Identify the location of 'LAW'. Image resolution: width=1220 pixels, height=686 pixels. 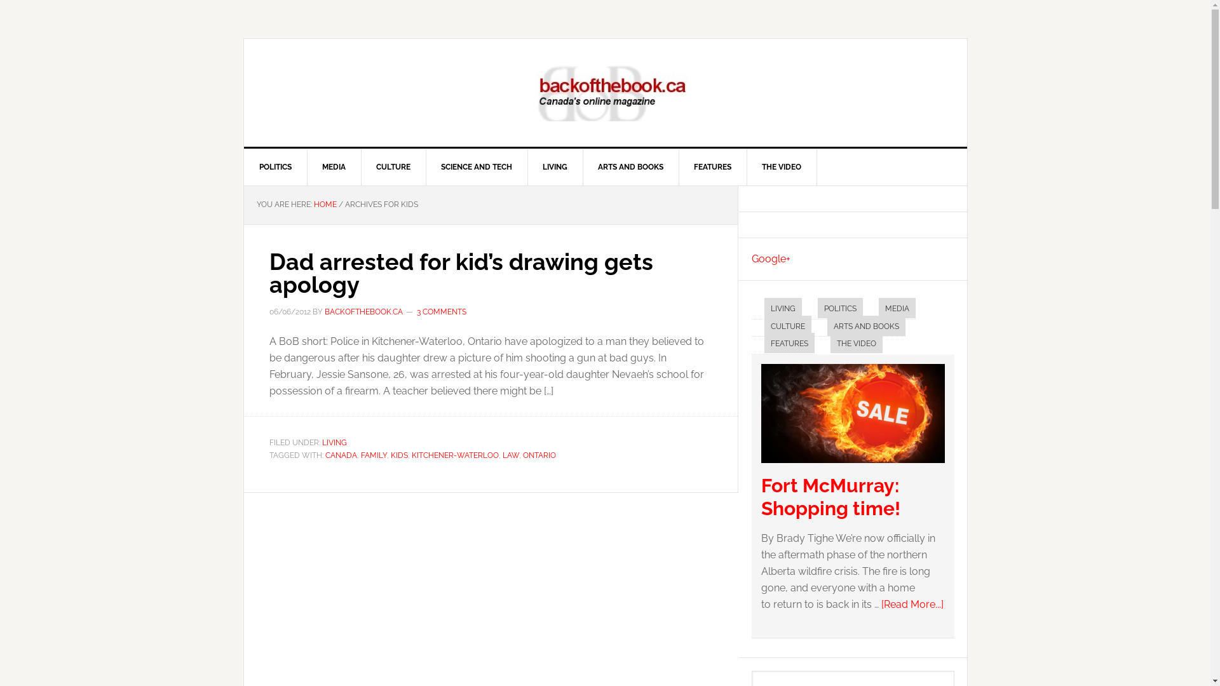
(510, 455).